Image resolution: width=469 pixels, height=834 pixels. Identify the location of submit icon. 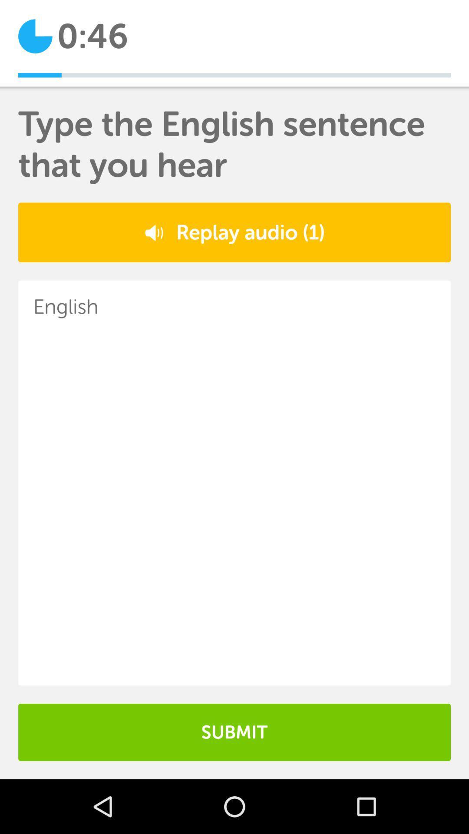
(234, 731).